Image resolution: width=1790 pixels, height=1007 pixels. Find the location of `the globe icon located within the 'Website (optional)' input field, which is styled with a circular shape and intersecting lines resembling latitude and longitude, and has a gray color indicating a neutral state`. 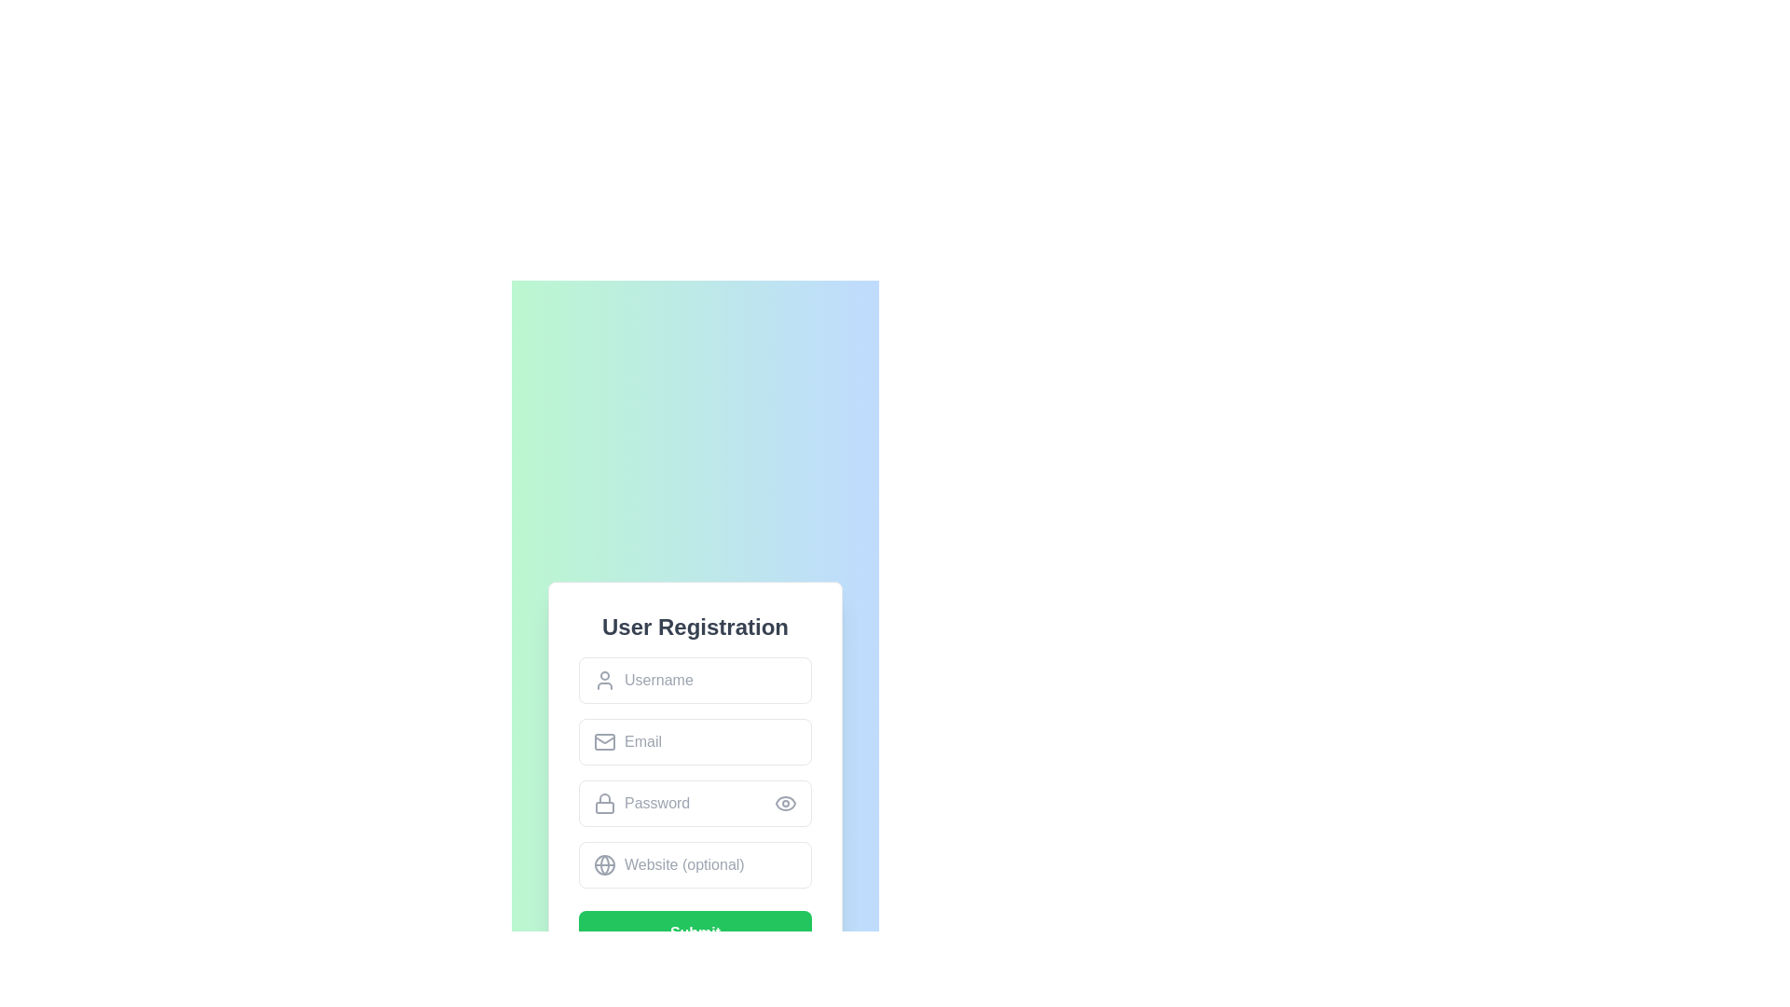

the globe icon located within the 'Website (optional)' input field, which is styled with a circular shape and intersecting lines resembling latitude and longitude, and has a gray color indicating a neutral state is located at coordinates (604, 865).